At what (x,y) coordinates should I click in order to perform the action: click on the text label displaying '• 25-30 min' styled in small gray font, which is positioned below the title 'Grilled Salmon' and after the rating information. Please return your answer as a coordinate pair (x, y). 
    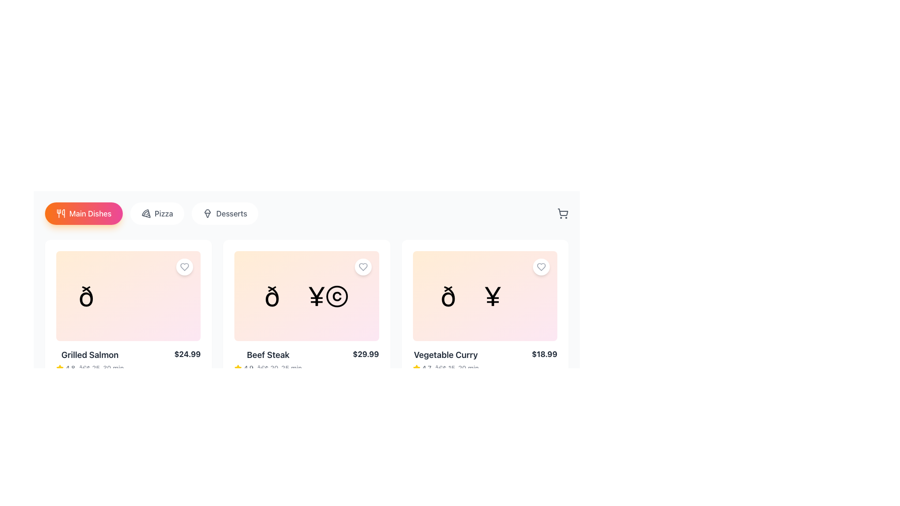
    Looking at the image, I should click on (101, 368).